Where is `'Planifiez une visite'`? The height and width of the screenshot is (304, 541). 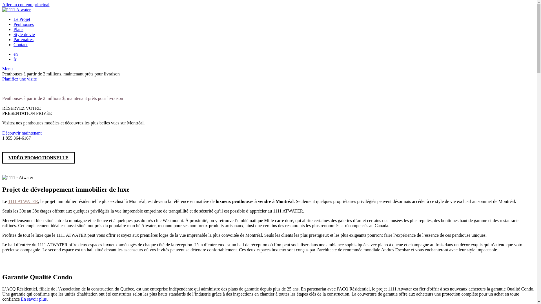
'Planifiez une visite' is located at coordinates (19, 79).